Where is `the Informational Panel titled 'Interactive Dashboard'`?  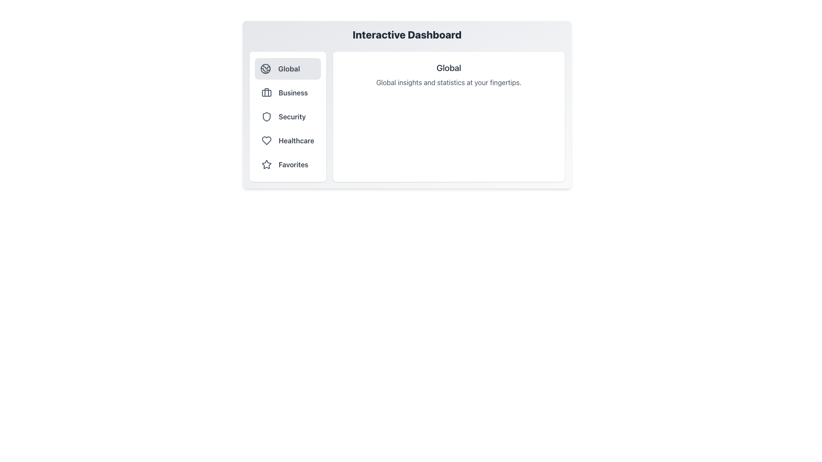
the Informational Panel titled 'Interactive Dashboard' is located at coordinates (406, 104).